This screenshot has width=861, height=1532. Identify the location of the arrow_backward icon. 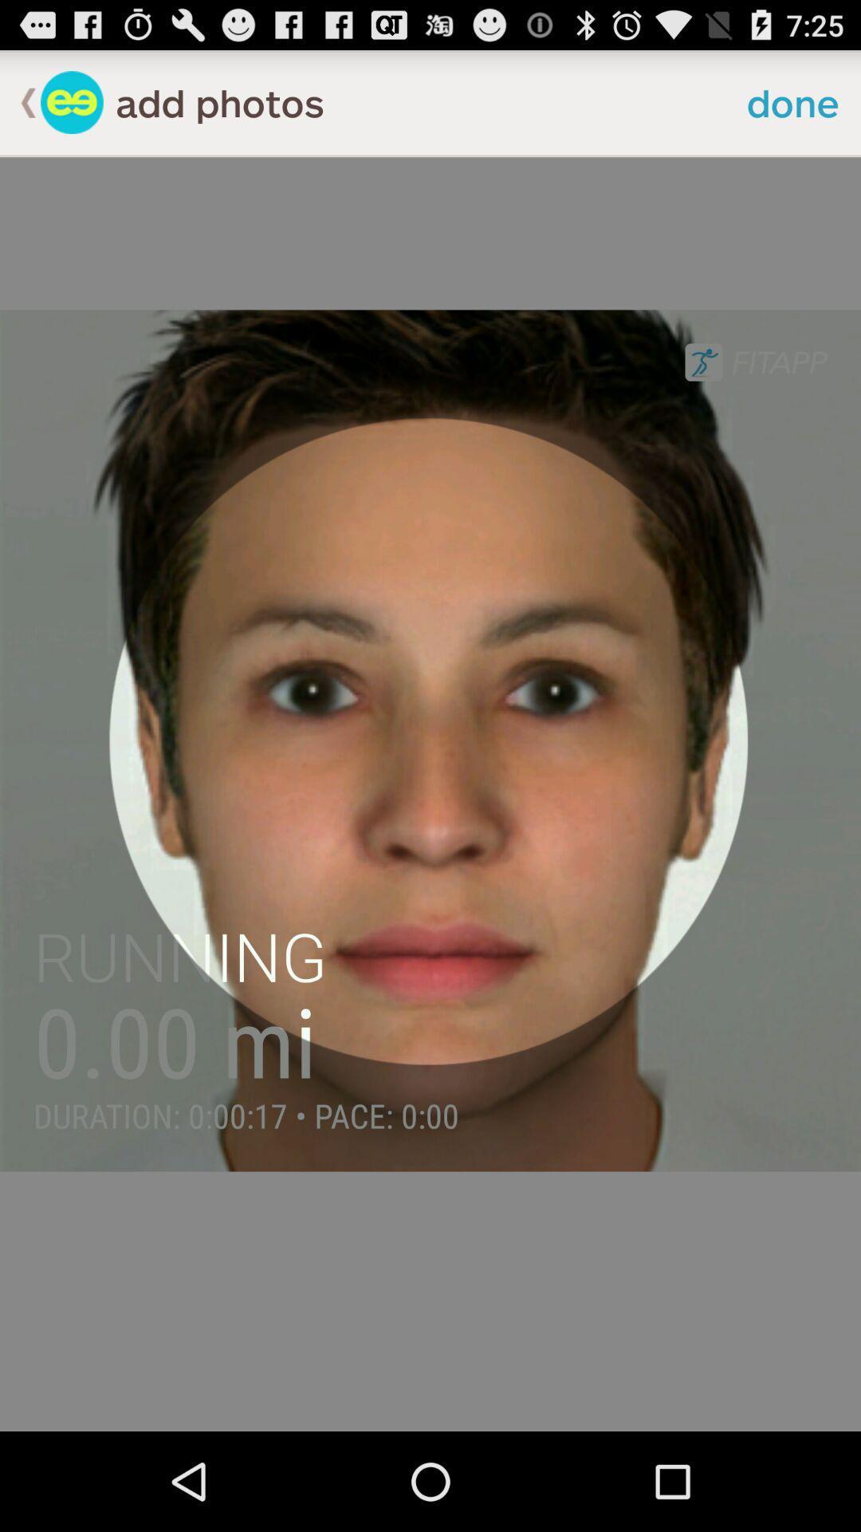
(20, 109).